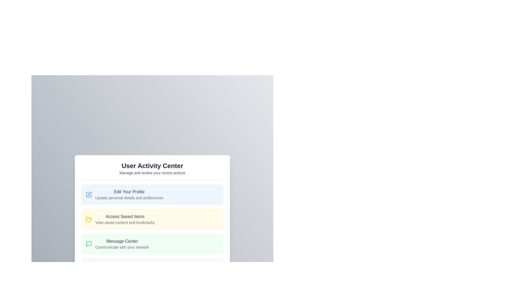 The width and height of the screenshot is (517, 290). Describe the element at coordinates (129, 194) in the screenshot. I see `the Text label located within a light blue rounded rectangle button, positioned below the 'User Activity Center' heading and adjacent to a blue pen icon` at that location.